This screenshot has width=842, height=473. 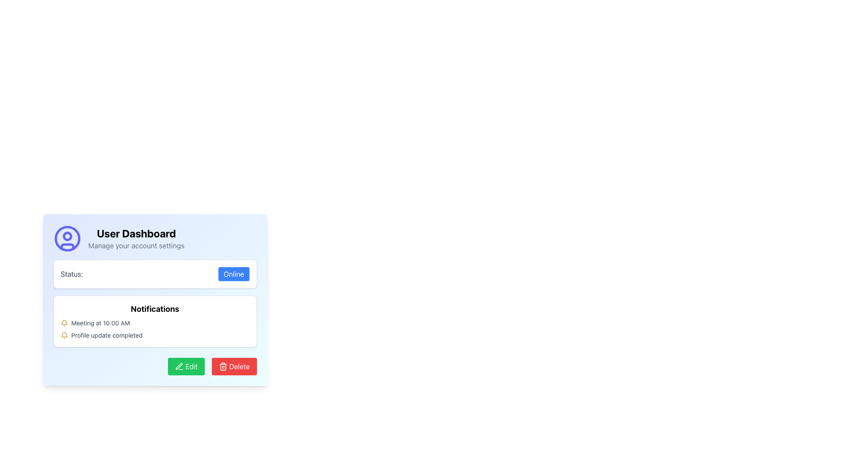 What do you see at coordinates (106, 335) in the screenshot?
I see `the second text notification in the notification panel that informs the user about a recent profile update action` at bounding box center [106, 335].